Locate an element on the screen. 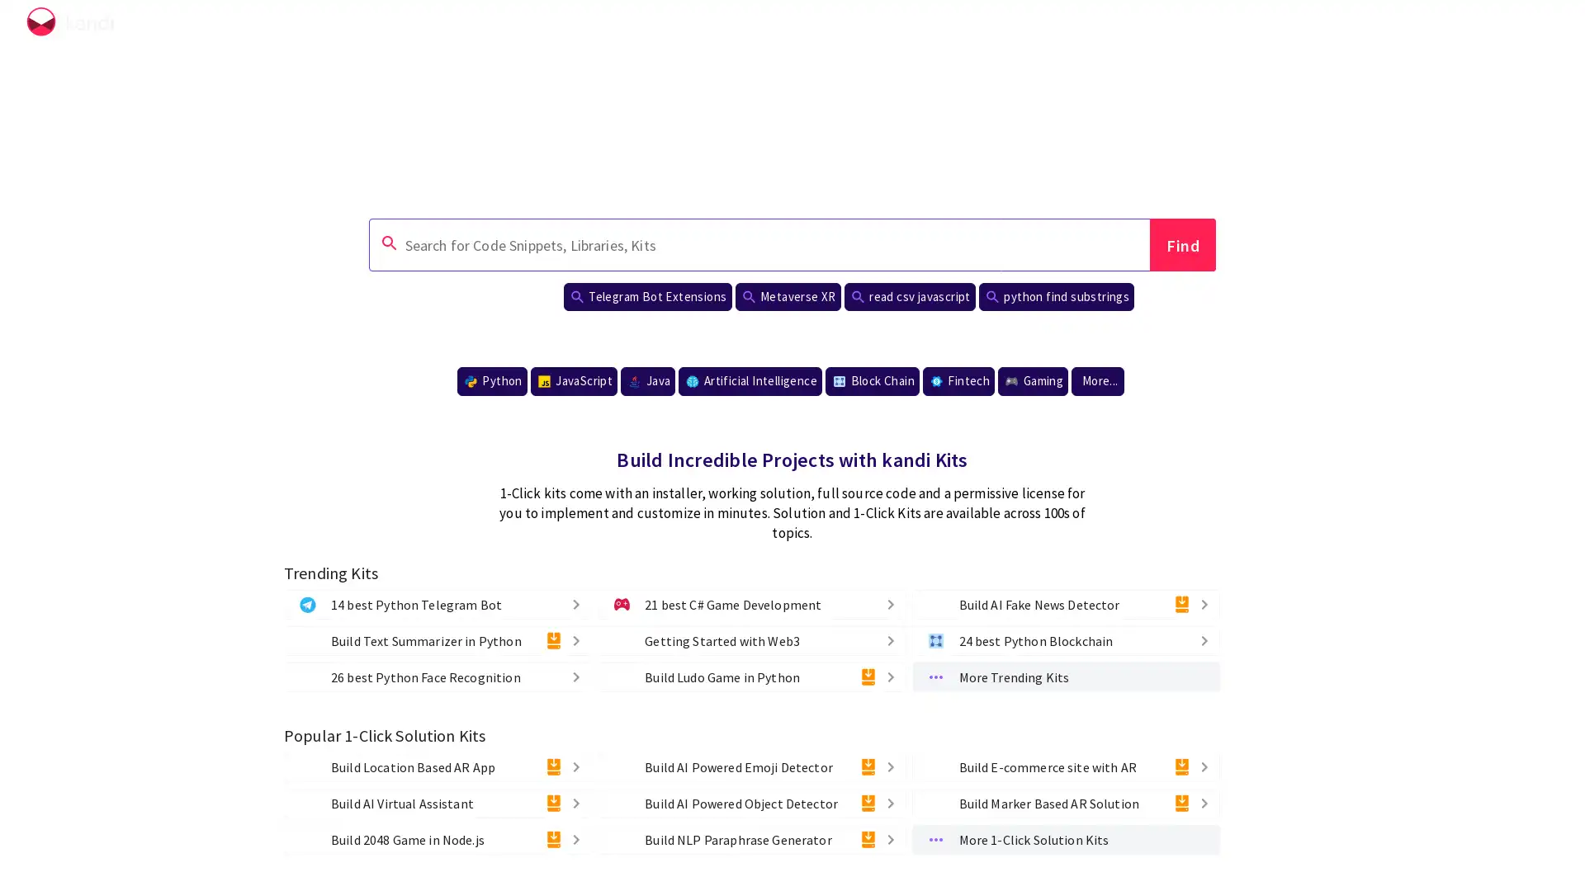 This screenshot has height=891, width=1585. delete is located at coordinates (867, 801).